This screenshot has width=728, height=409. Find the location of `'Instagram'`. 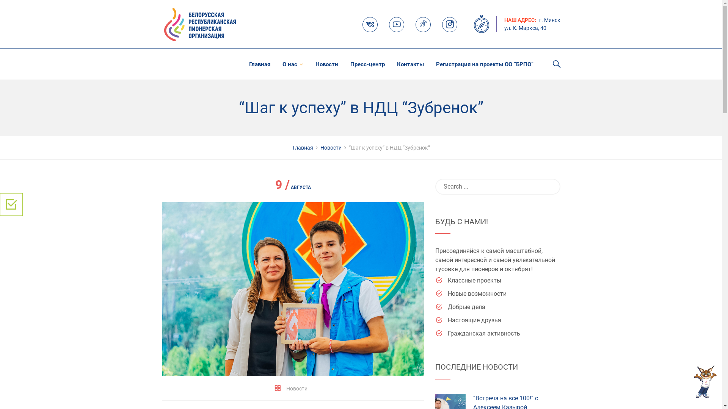

'Instagram' is located at coordinates (449, 24).